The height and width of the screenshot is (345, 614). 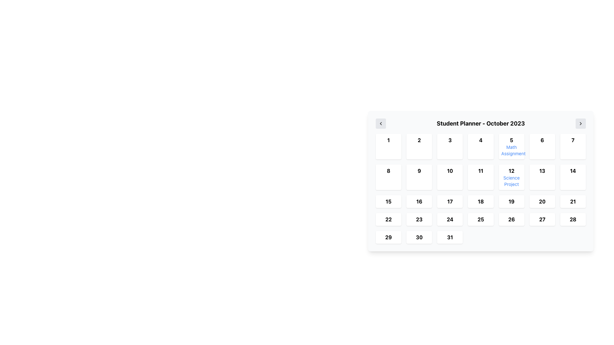 I want to click on the date cell representing October 16, so click(x=419, y=202).